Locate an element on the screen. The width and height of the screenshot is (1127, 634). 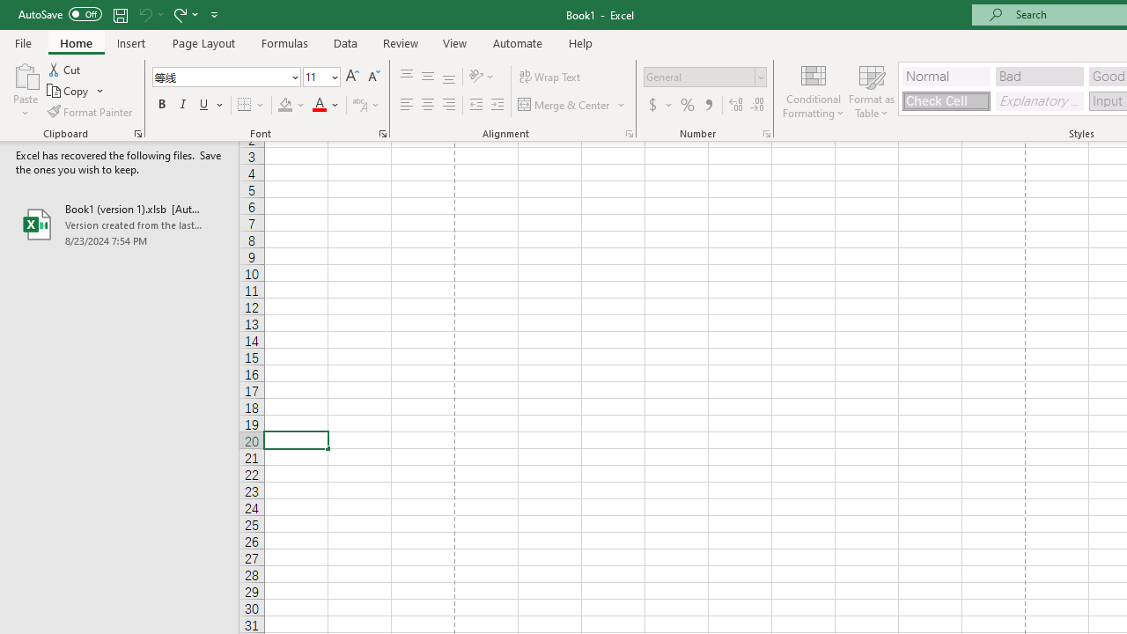
'Home' is located at coordinates (75, 42).